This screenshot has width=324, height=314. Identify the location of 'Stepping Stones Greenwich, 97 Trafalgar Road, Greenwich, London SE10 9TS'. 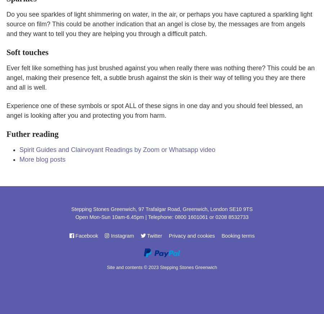
(71, 209).